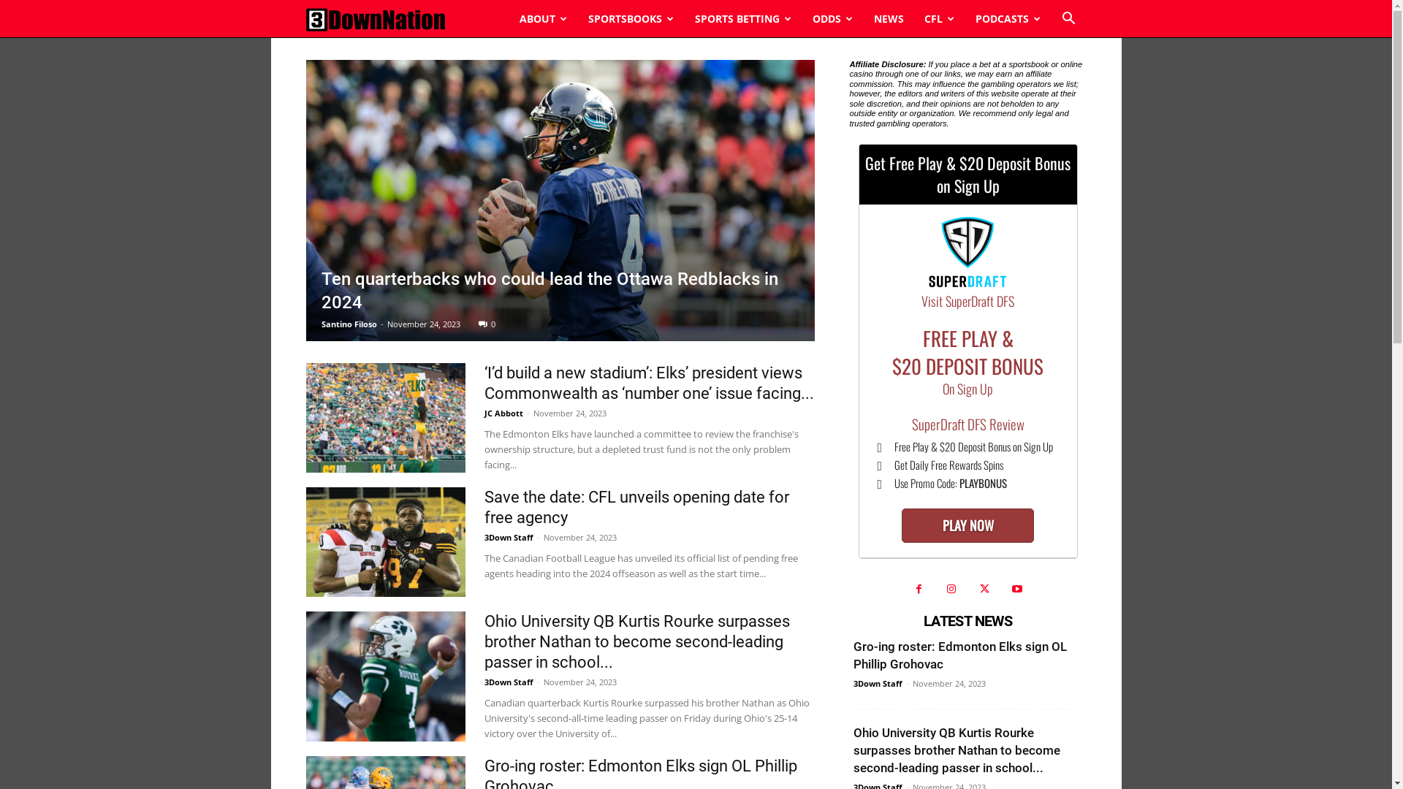 The height and width of the screenshot is (789, 1403). What do you see at coordinates (1016, 589) in the screenshot?
I see `'Youtube'` at bounding box center [1016, 589].